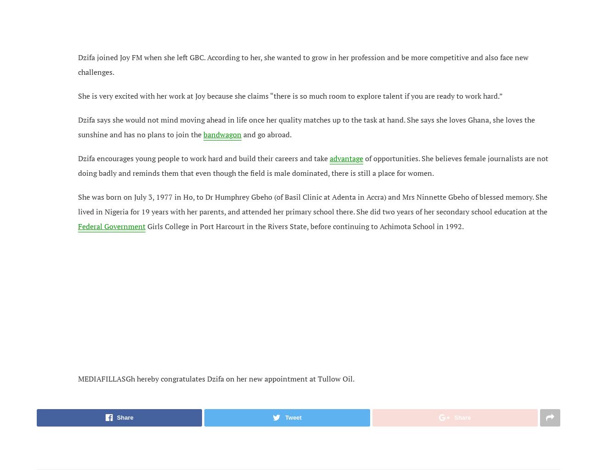 Image resolution: width=597 pixels, height=472 pixels. Describe the element at coordinates (312, 165) in the screenshot. I see `'of opportunities. She believes female journalists are not doing badly and reminds them that even though the field is male dominated, there is still a place for women.'` at that location.